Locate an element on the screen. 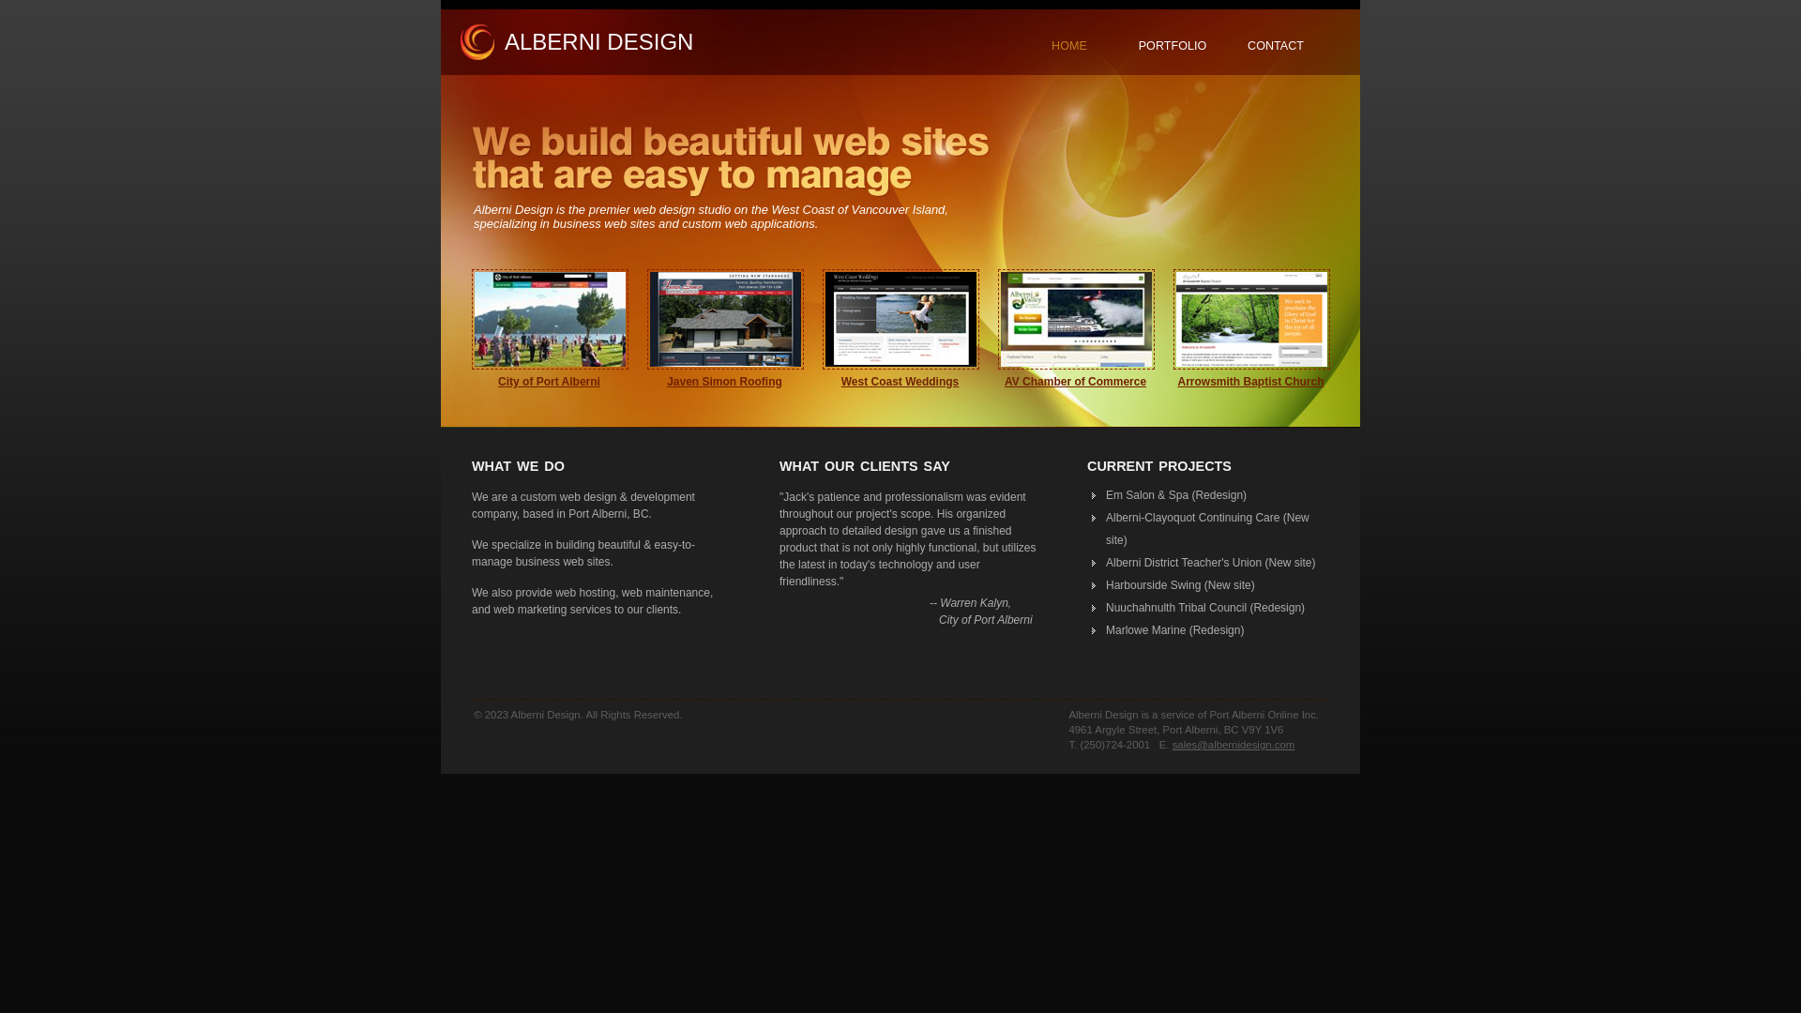  'City of Port Alberni' is located at coordinates (548, 381).